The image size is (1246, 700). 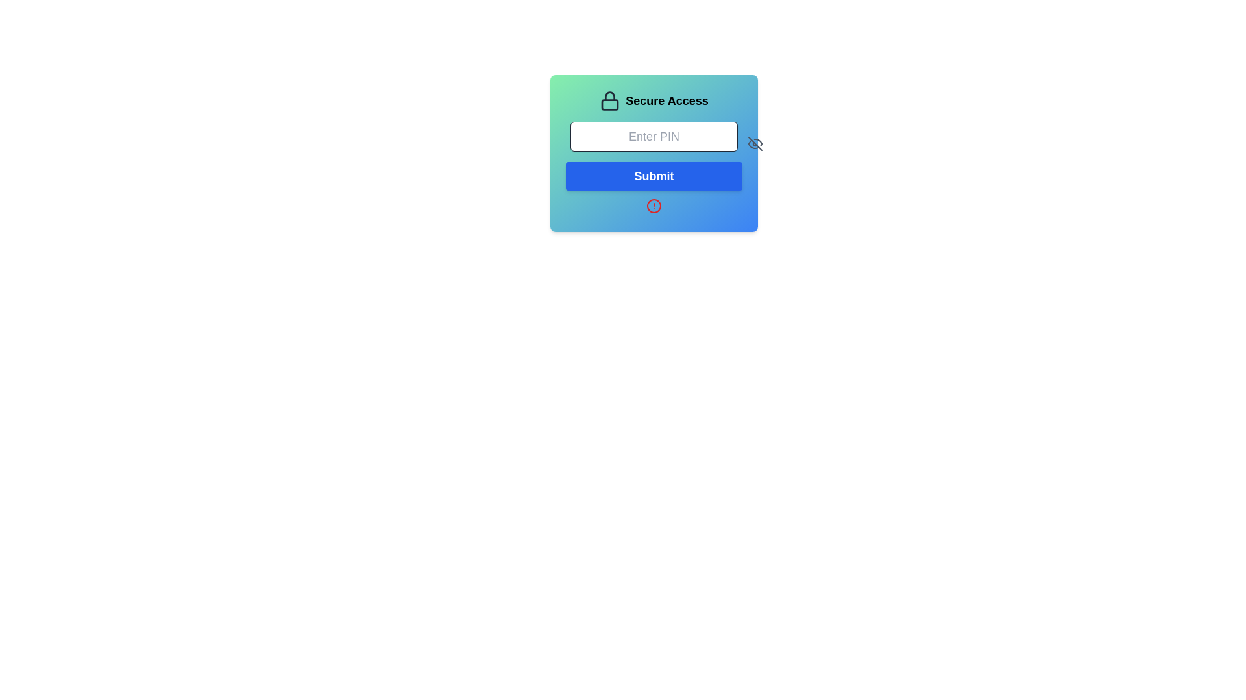 What do you see at coordinates (654, 176) in the screenshot?
I see `the 'Submit' button, which is a rectangular button with a blue background, white bold text, and rounded corners` at bounding box center [654, 176].